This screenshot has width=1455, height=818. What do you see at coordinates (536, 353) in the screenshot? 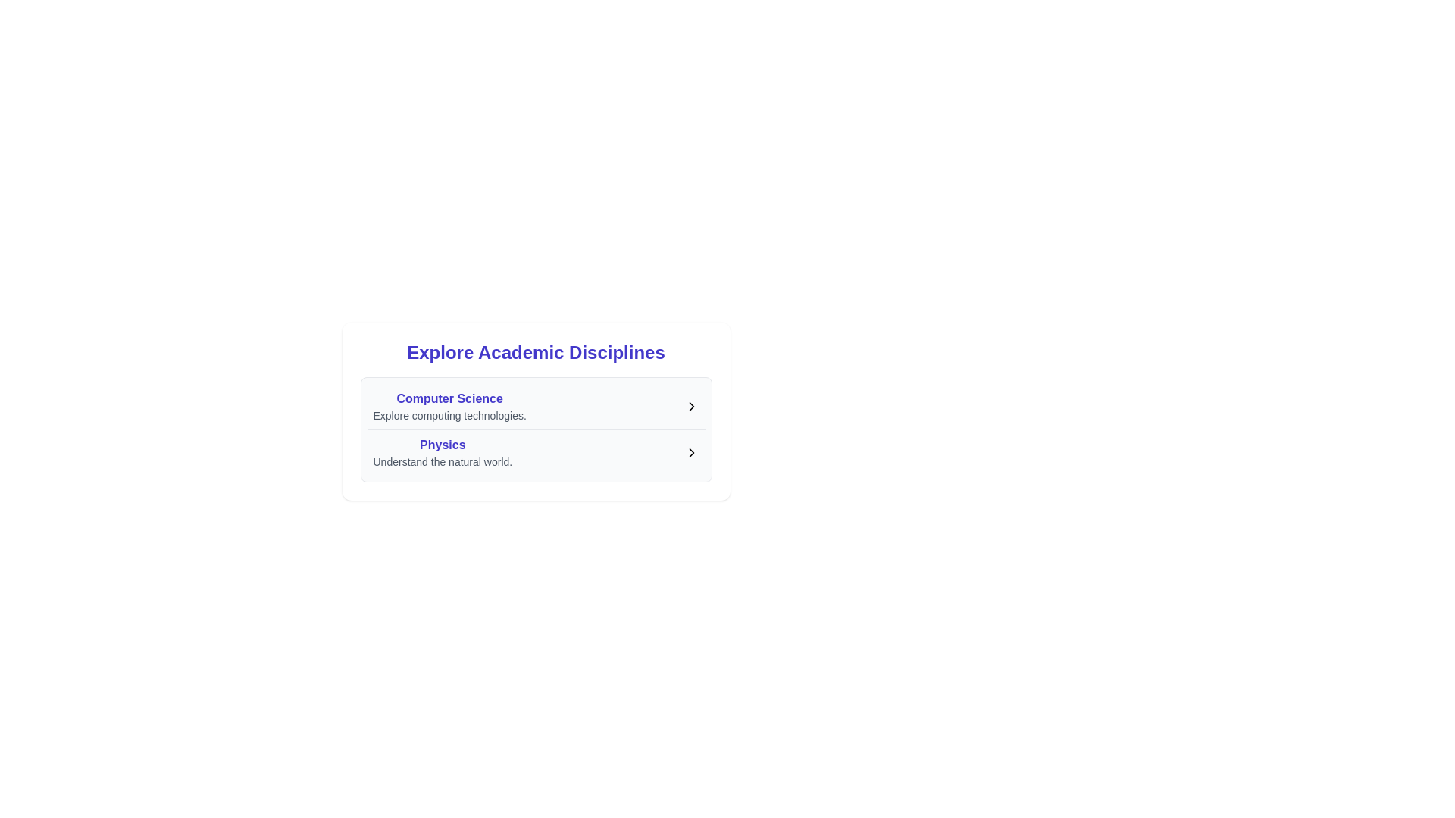
I see `the centered title with bold, large indigo text reading 'Explore Academic Disciplines' that is positioned above the sections 'Computer Science' and 'Physics'` at bounding box center [536, 353].